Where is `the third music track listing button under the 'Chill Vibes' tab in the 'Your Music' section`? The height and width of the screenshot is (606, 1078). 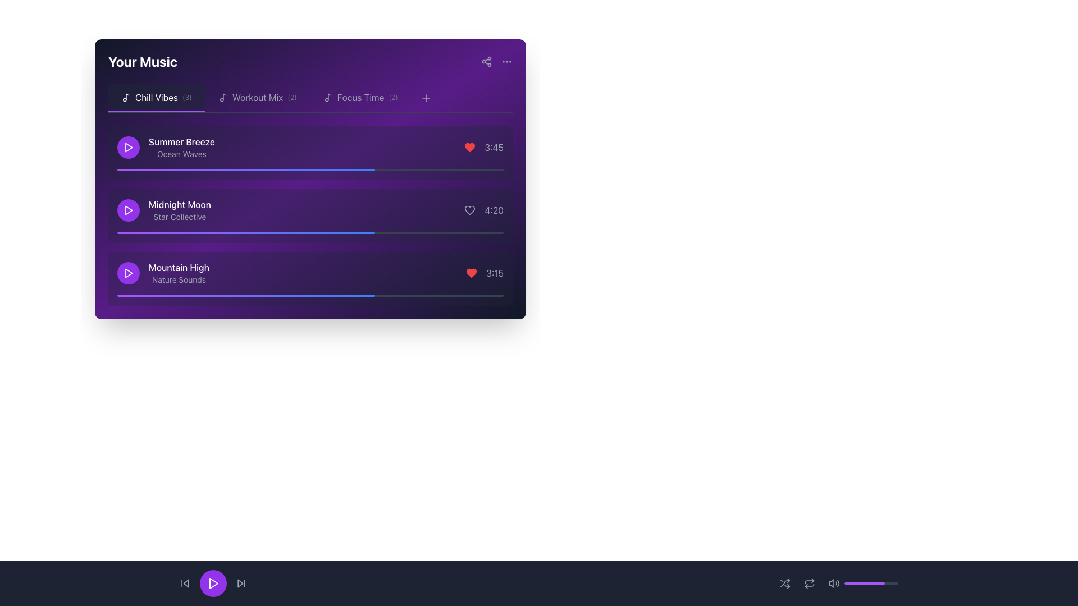 the third music track listing button under the 'Chill Vibes' tab in the 'Your Music' section is located at coordinates (310, 278).